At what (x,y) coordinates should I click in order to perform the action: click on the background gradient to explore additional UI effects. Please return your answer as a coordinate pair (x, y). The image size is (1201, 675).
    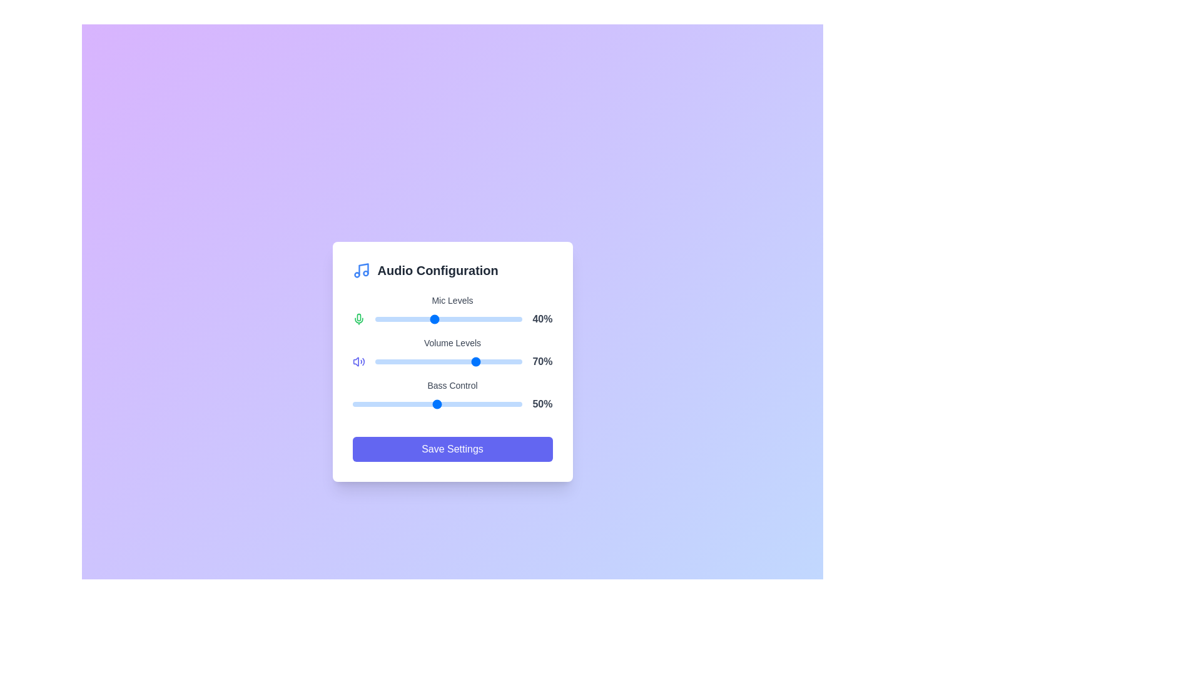
    Looking at the image, I should click on (452, 361).